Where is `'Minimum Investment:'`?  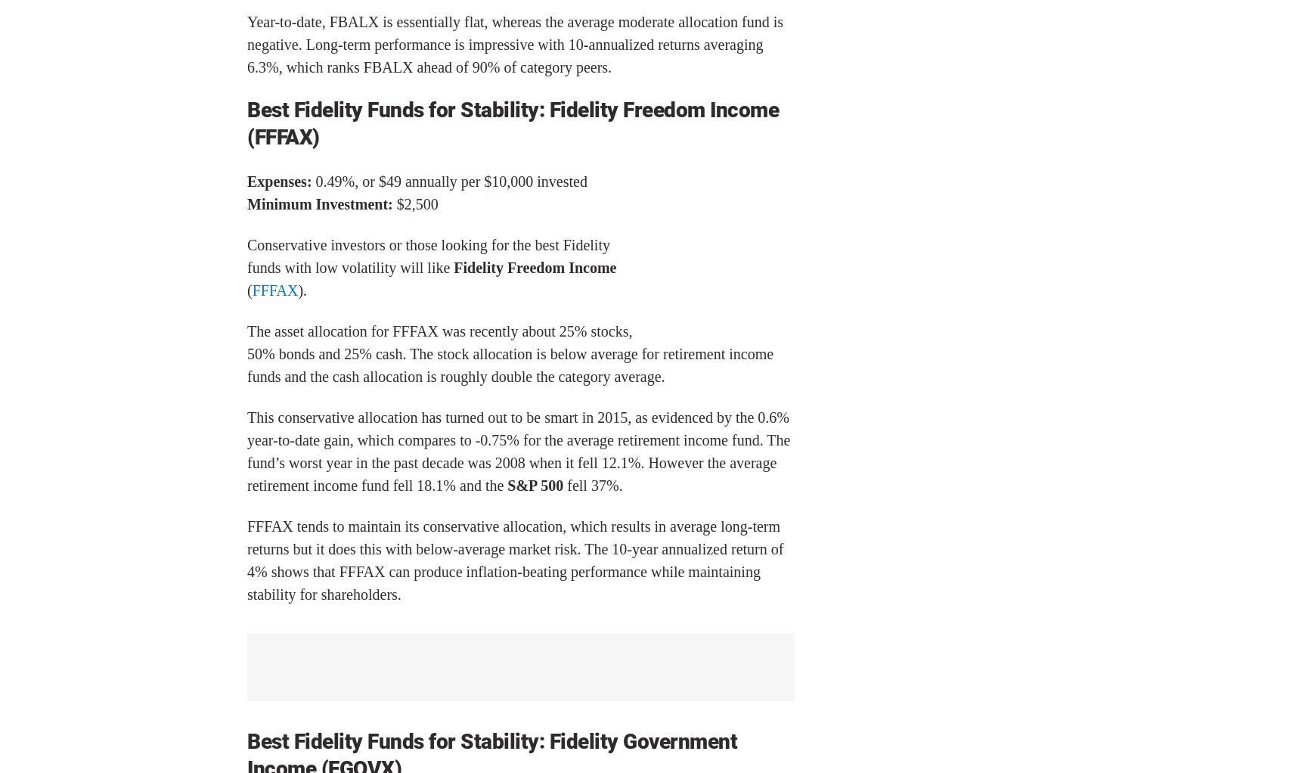
'Minimum Investment:' is located at coordinates (321, 203).